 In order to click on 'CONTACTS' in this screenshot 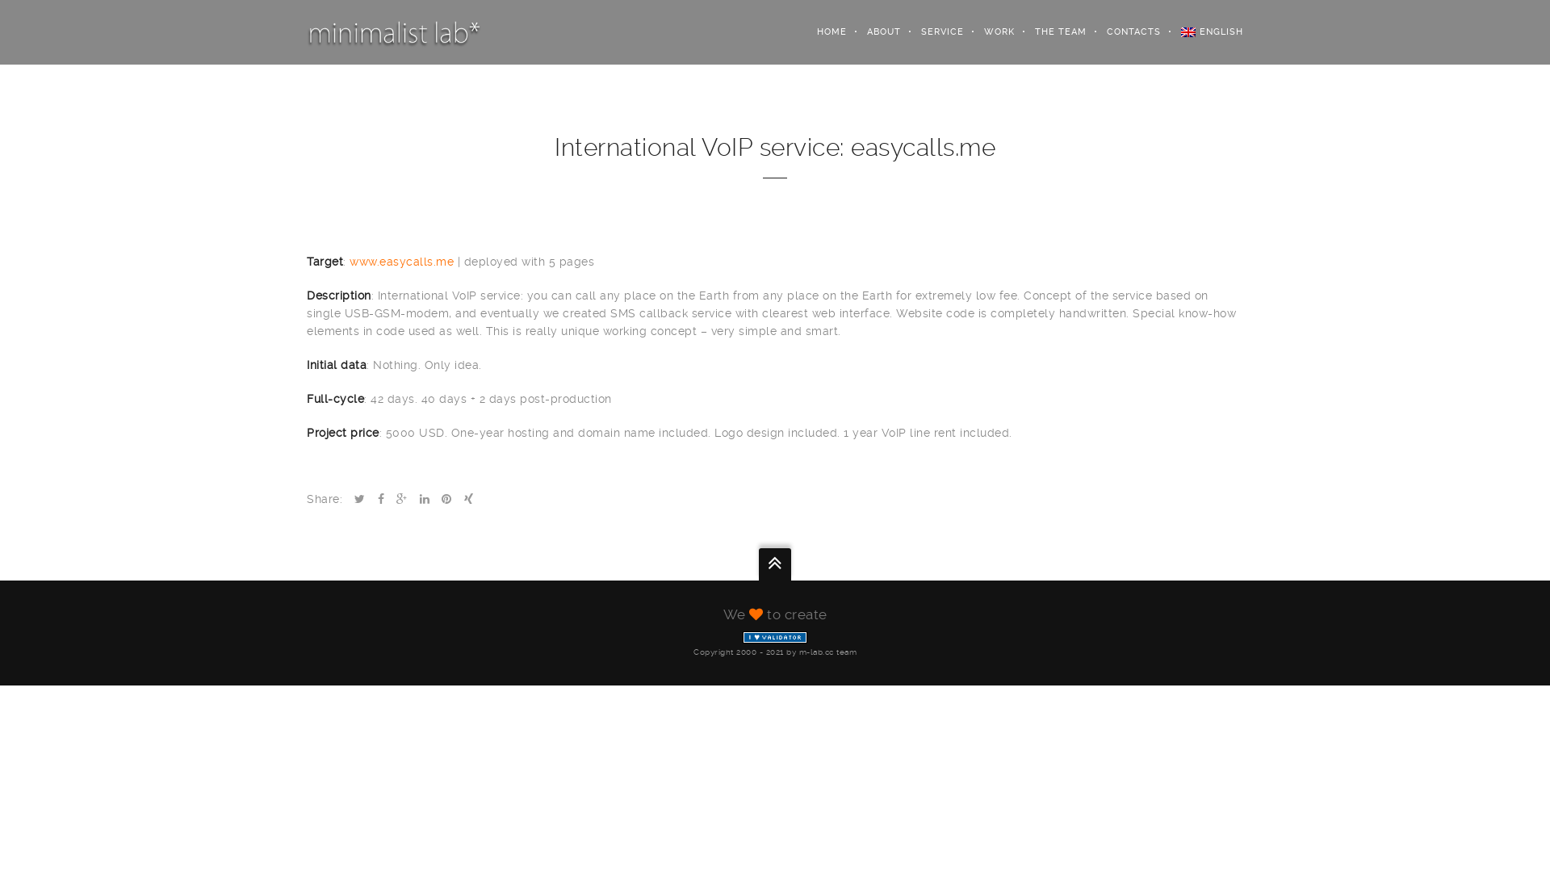, I will do `click(1123, 31)`.